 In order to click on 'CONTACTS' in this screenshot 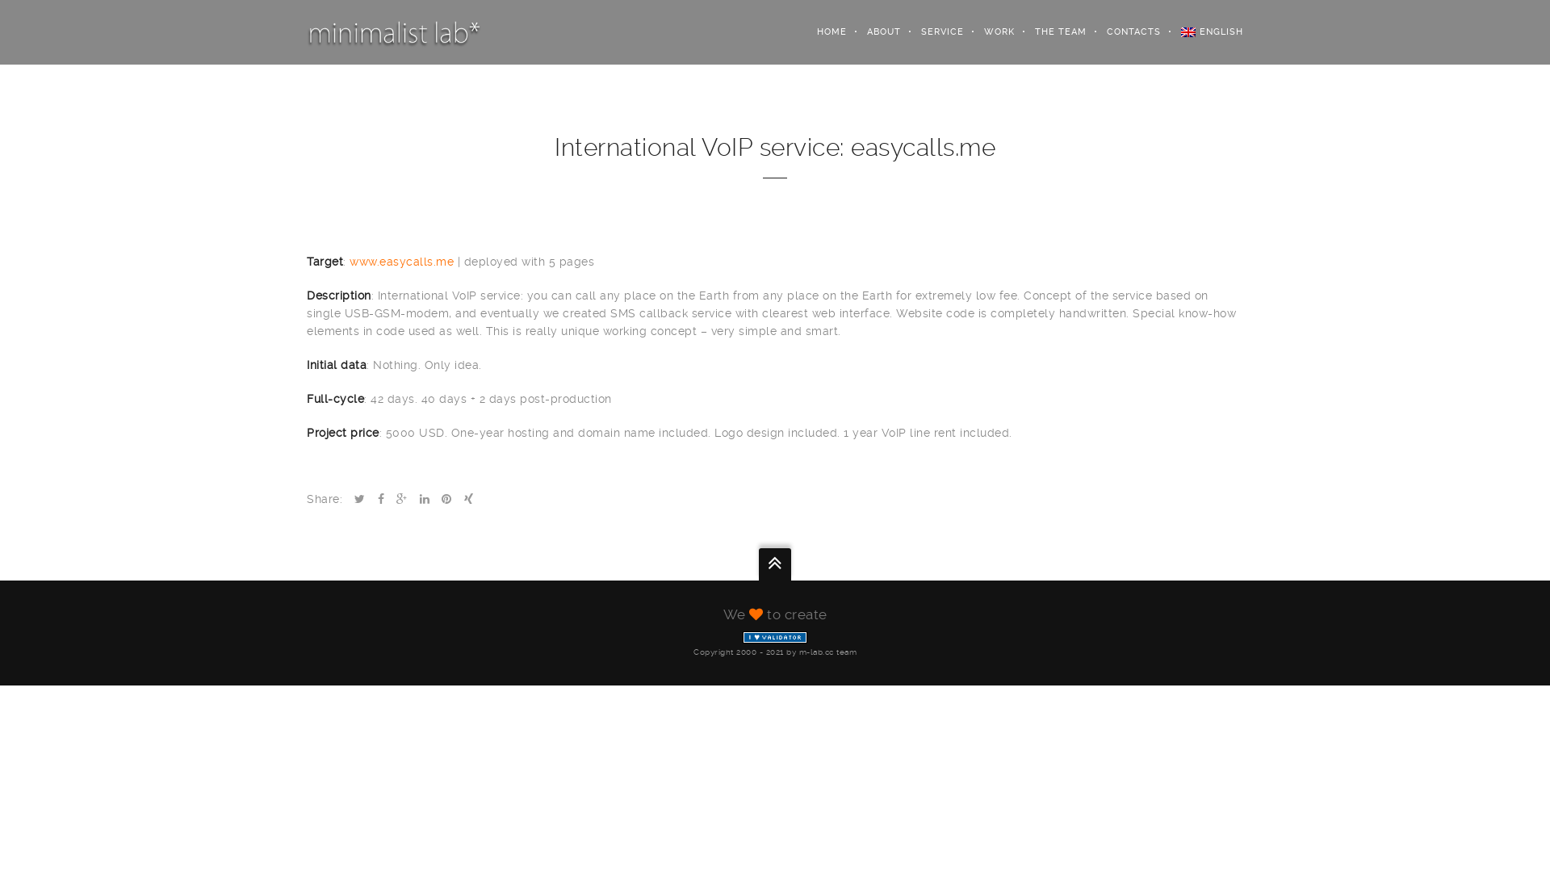, I will do `click(1123, 31)`.